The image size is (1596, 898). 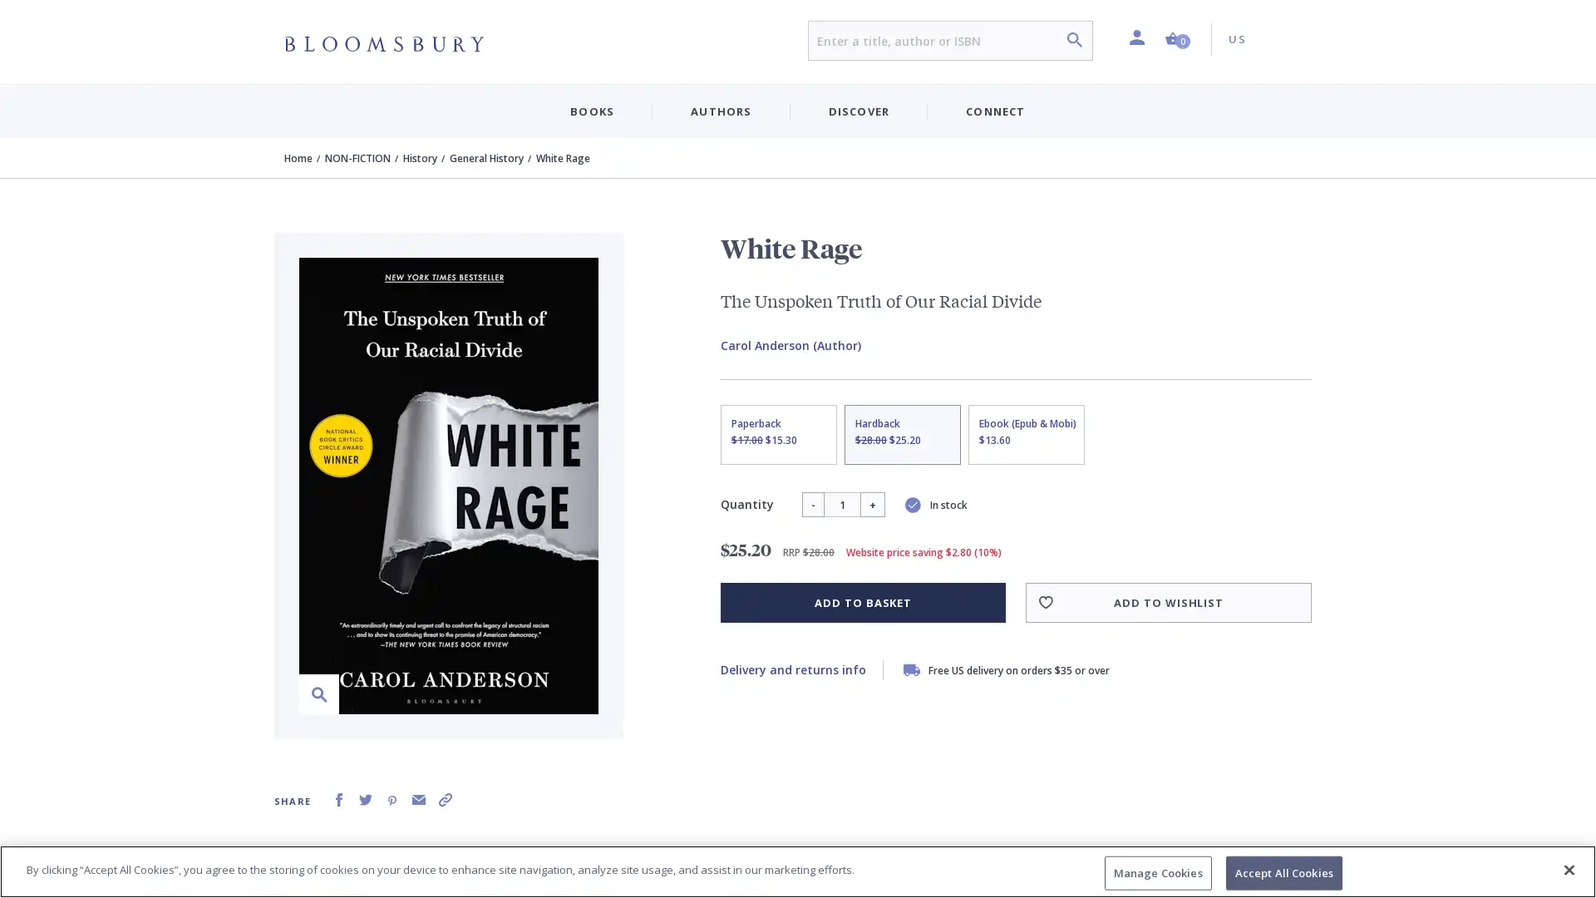 What do you see at coordinates (1568, 868) in the screenshot?
I see `Close` at bounding box center [1568, 868].